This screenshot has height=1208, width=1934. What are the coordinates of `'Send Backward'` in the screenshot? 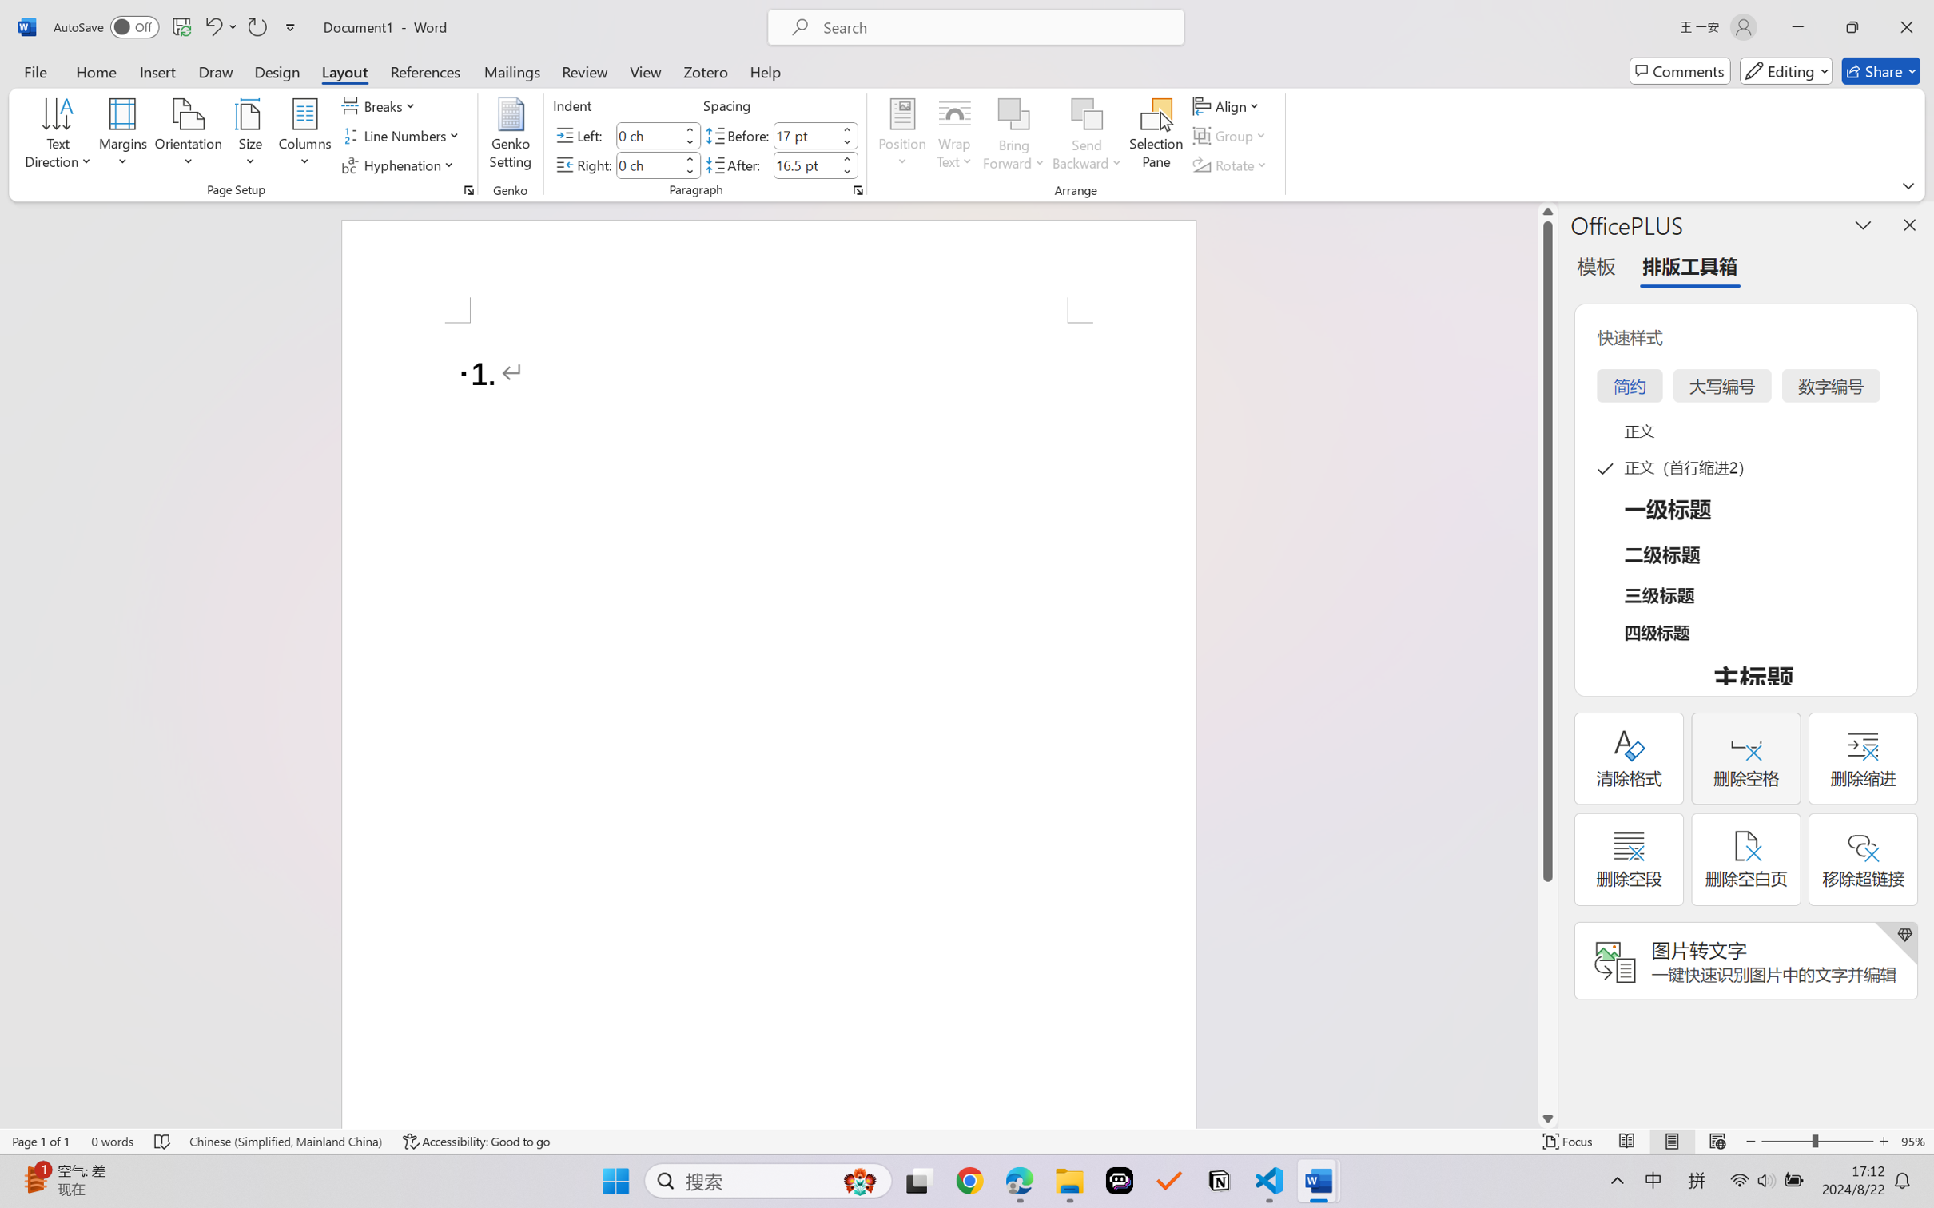 It's located at (1087, 136).